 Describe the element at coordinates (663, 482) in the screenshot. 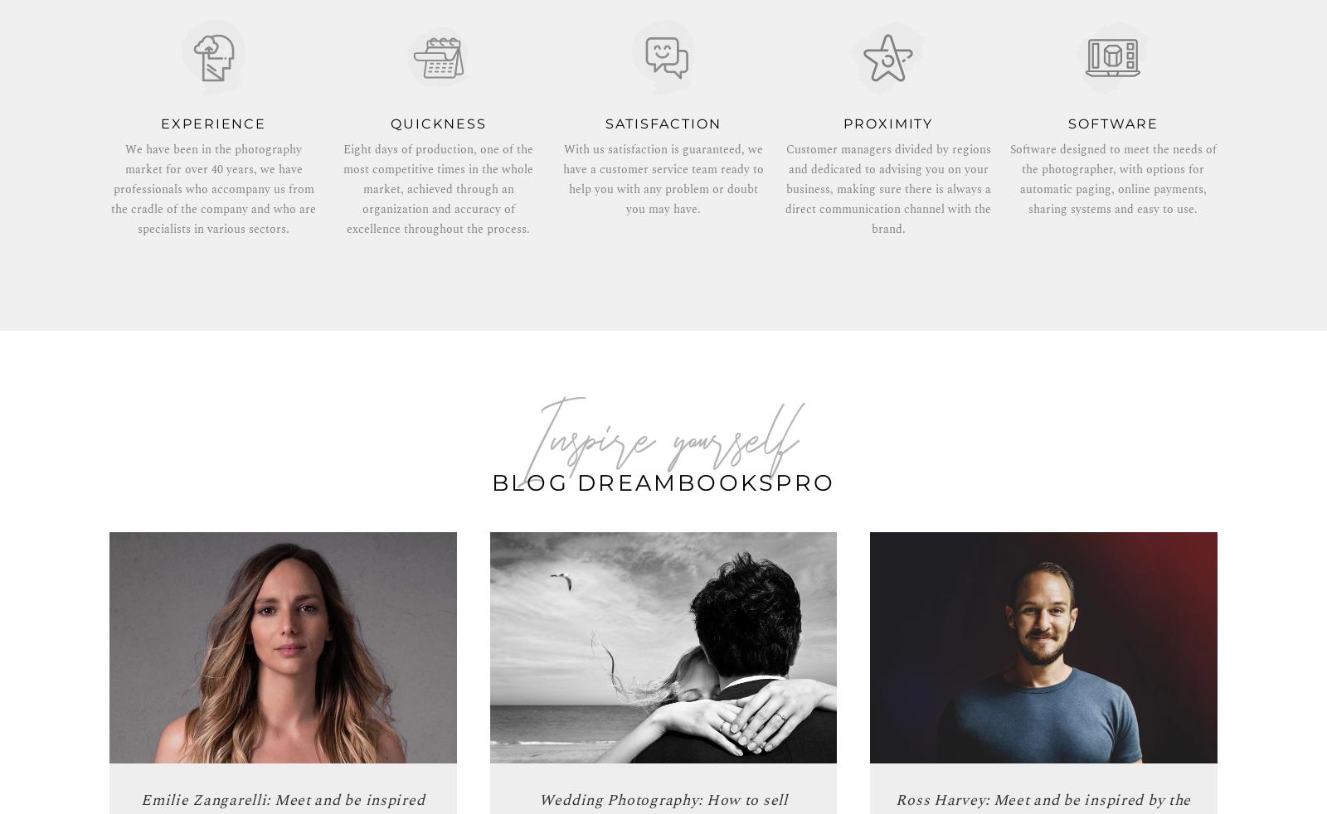

I see `'Blog DreambooksPRO'` at that location.